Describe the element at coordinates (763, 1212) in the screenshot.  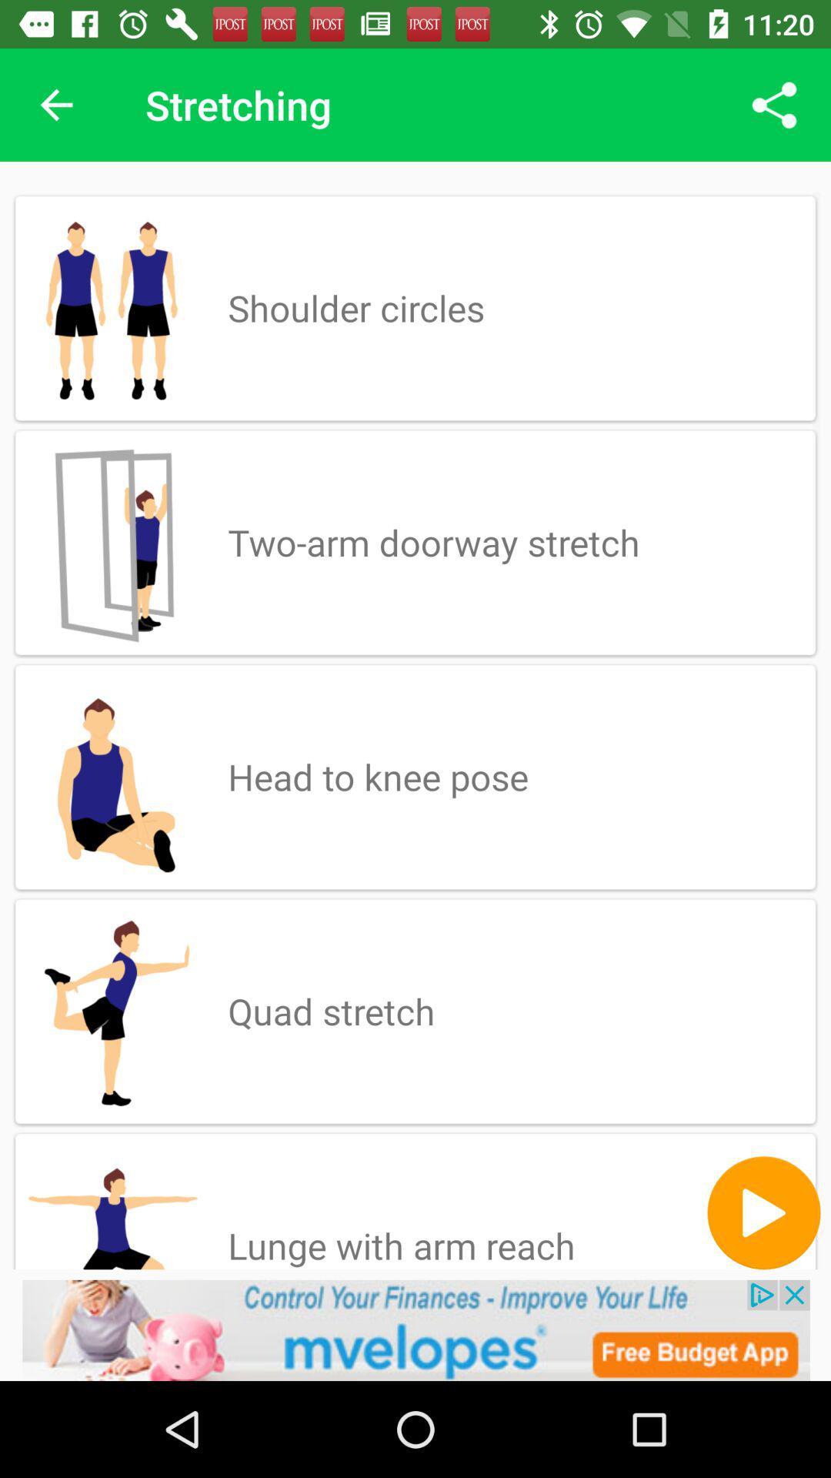
I see `button` at that location.